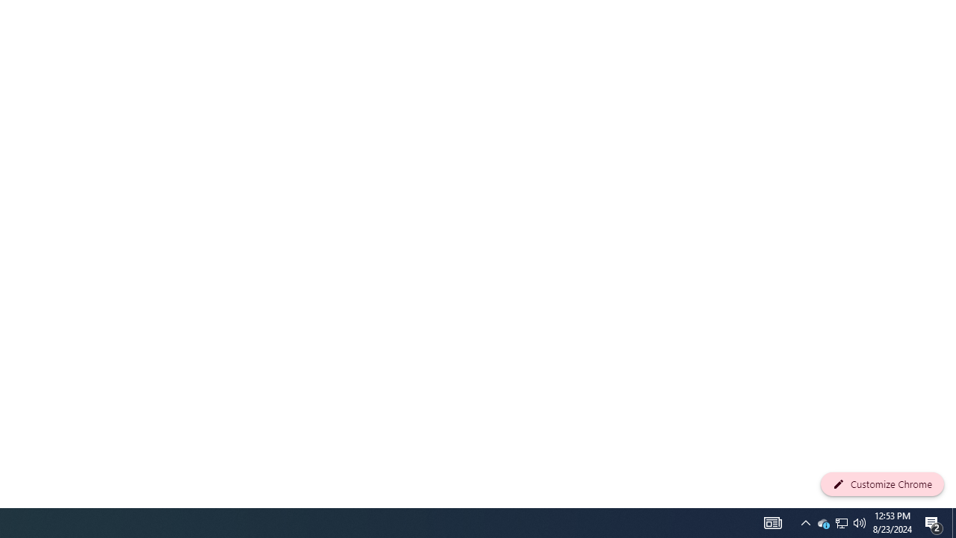 Image resolution: width=956 pixels, height=538 pixels. What do you see at coordinates (882, 484) in the screenshot?
I see `'Customize Chrome'` at bounding box center [882, 484].